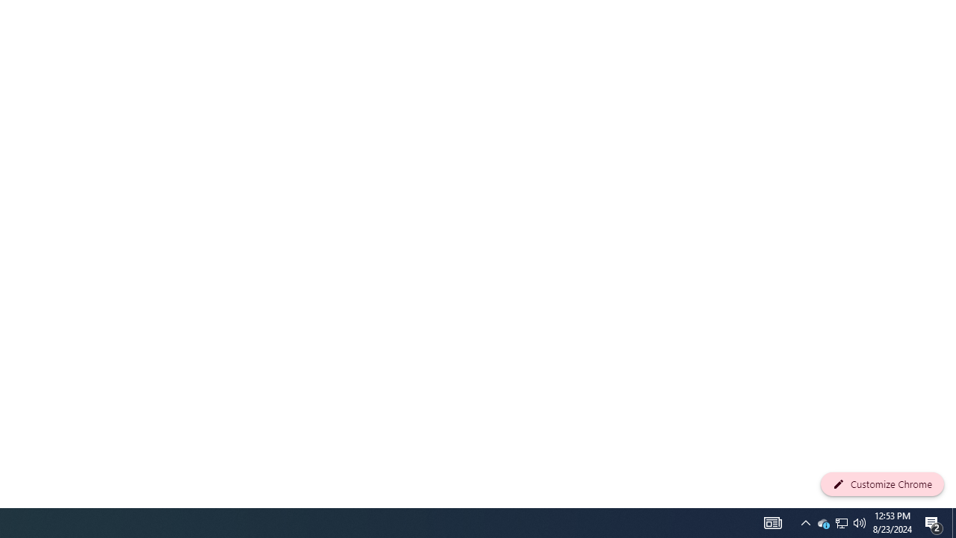 Image resolution: width=956 pixels, height=538 pixels. What do you see at coordinates (882, 484) in the screenshot?
I see `'Customize Chrome'` at bounding box center [882, 484].